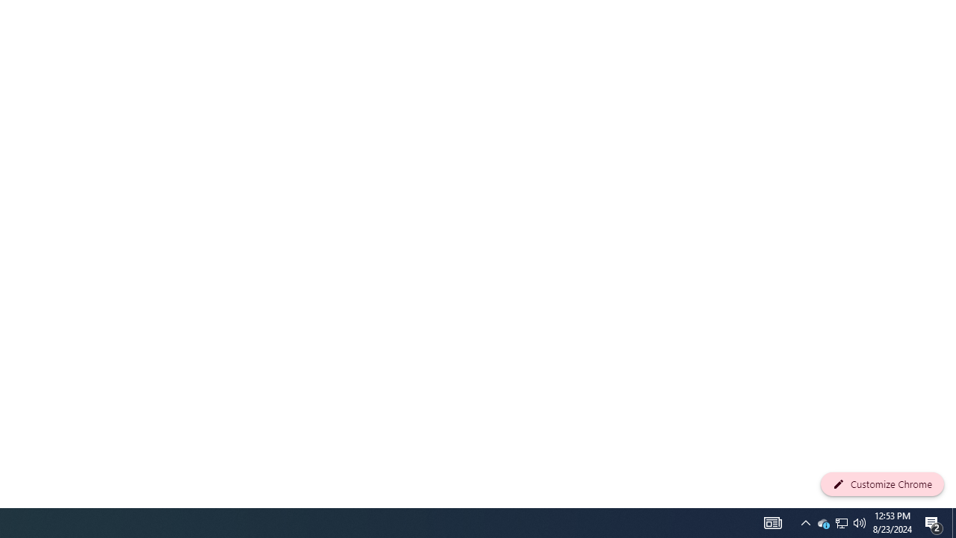 Image resolution: width=956 pixels, height=538 pixels. What do you see at coordinates (882, 484) in the screenshot?
I see `'Customize Chrome'` at bounding box center [882, 484].